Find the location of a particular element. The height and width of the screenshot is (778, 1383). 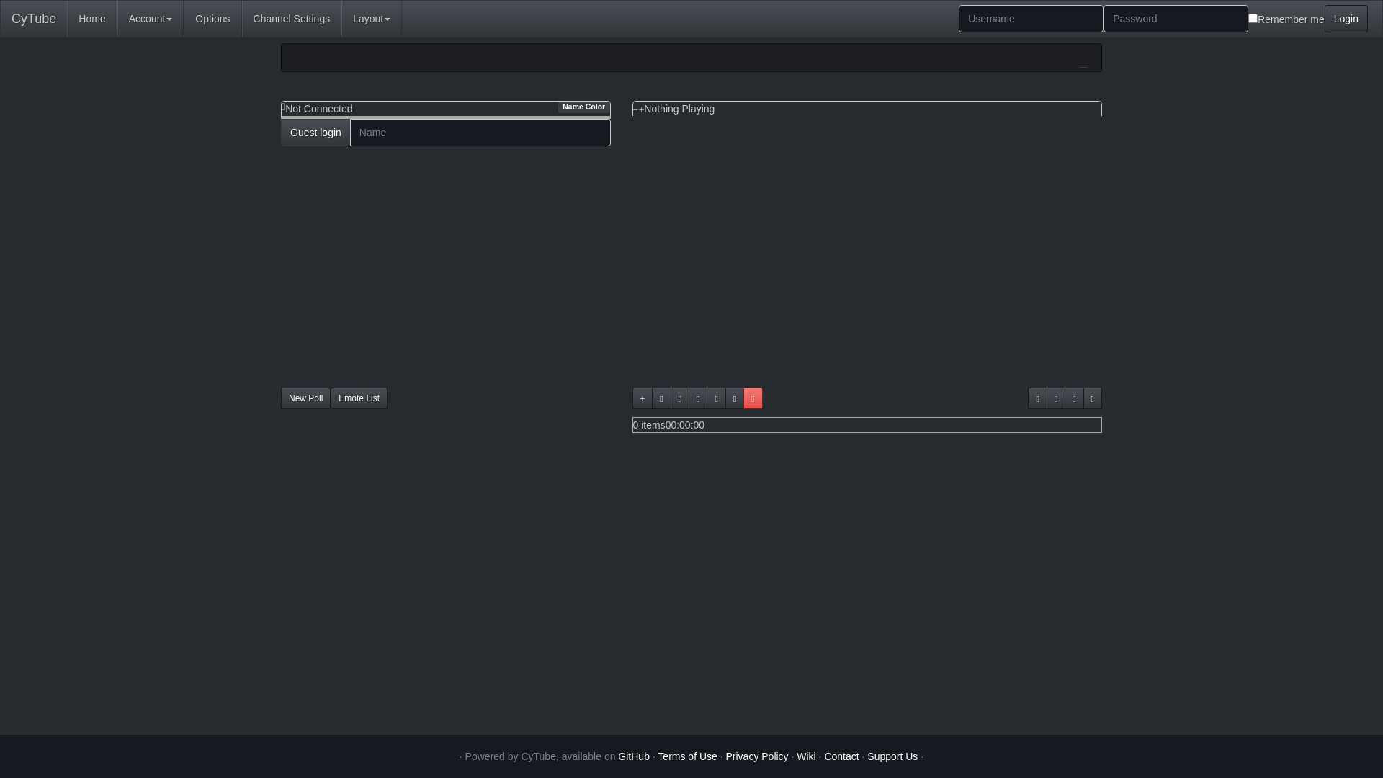

'Make the video smaller' is located at coordinates (632, 109).